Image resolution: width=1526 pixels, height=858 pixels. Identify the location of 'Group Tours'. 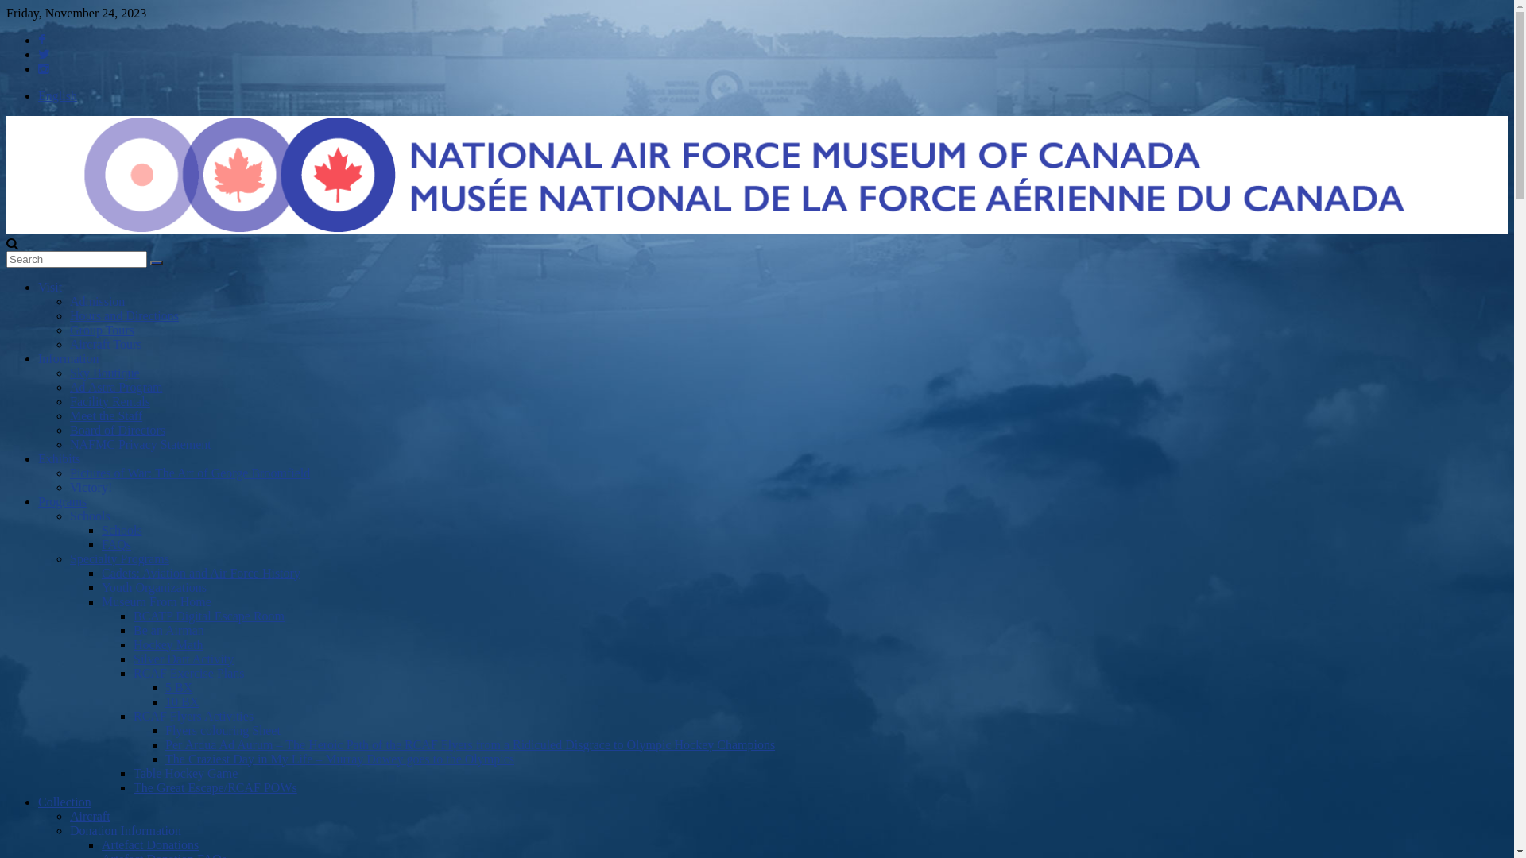
(101, 329).